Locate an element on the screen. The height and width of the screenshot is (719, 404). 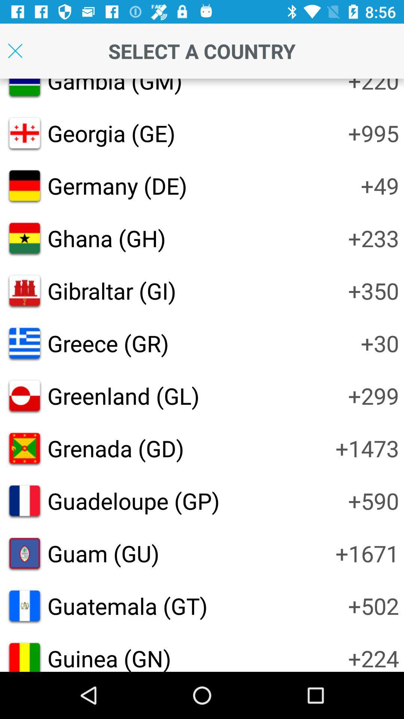
the greece (gr) item is located at coordinates (108, 343).